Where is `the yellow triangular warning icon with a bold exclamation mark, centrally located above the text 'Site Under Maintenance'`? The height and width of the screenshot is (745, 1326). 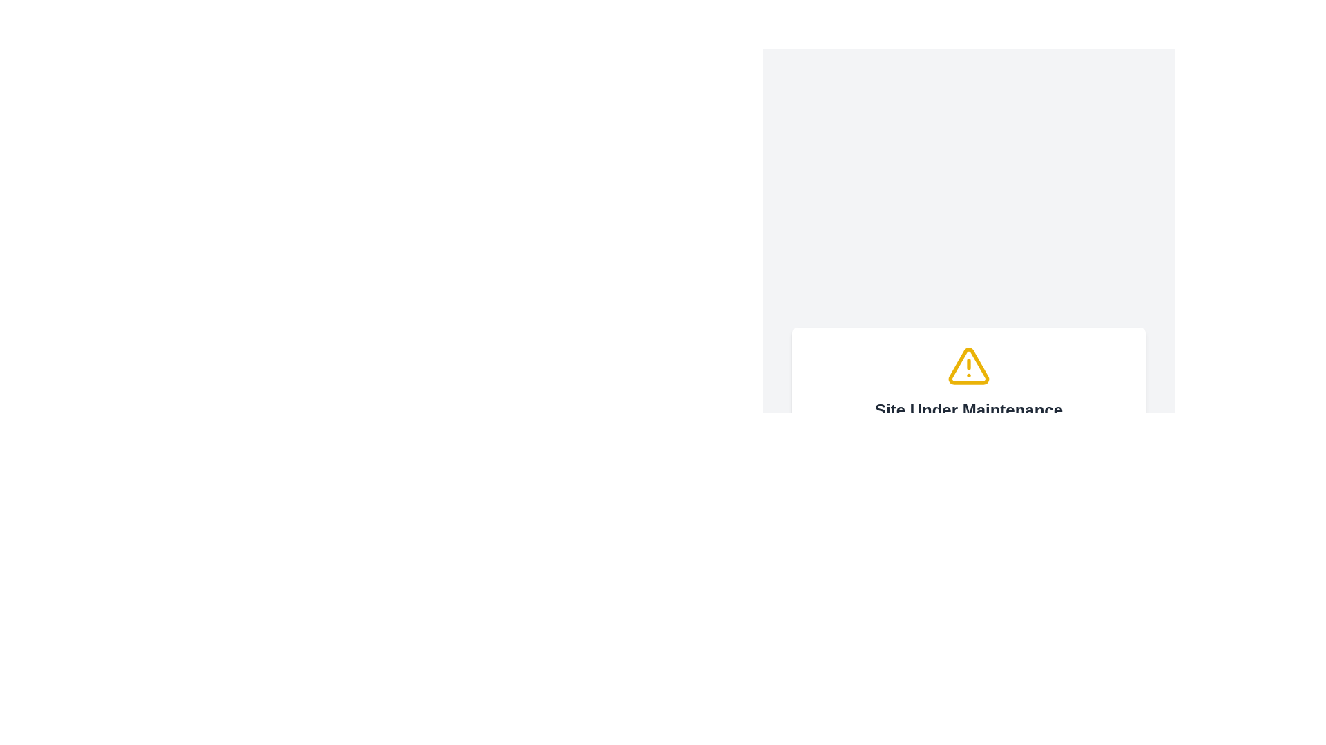
the yellow triangular warning icon with a bold exclamation mark, centrally located above the text 'Site Under Maintenance' is located at coordinates (968, 366).